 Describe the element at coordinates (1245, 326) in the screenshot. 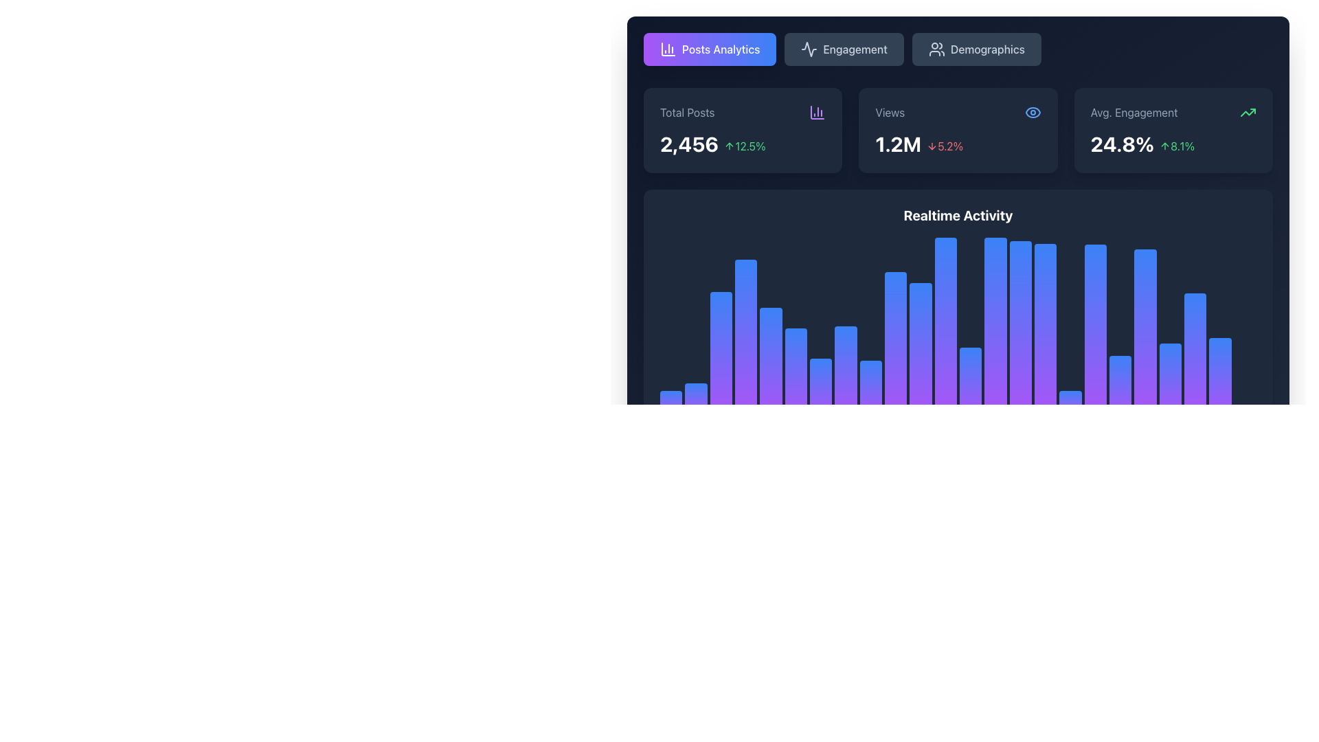

I see `the last vertical rounded rectangle bar in the bar chart, which has a gradient color transitioning from purple at the bottom to blue at the top` at that location.